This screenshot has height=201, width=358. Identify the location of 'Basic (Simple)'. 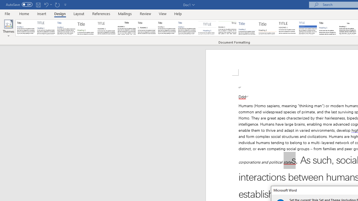
(66, 28).